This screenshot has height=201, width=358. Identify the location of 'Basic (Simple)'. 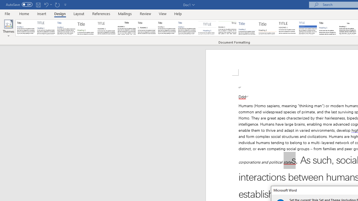
(66, 28).